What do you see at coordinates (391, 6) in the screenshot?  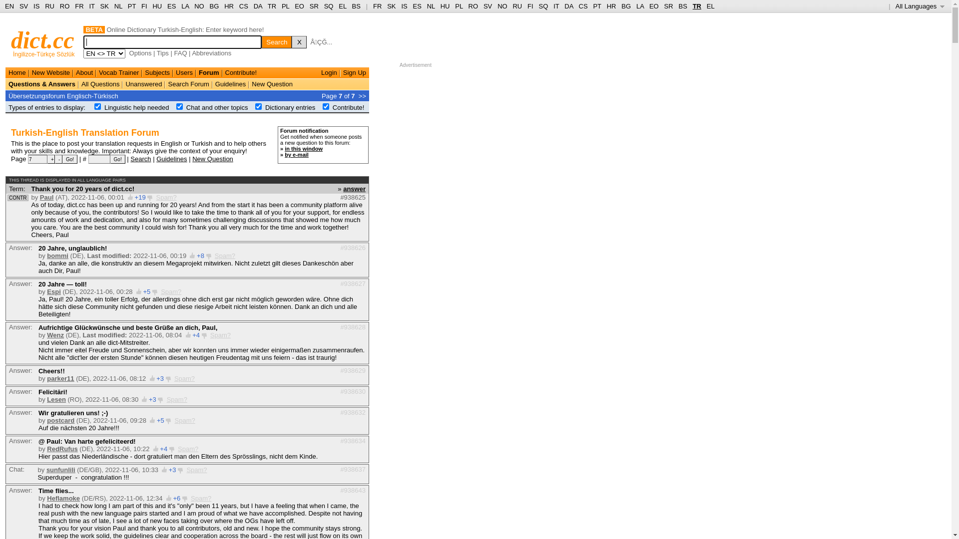 I see `'SK'` at bounding box center [391, 6].